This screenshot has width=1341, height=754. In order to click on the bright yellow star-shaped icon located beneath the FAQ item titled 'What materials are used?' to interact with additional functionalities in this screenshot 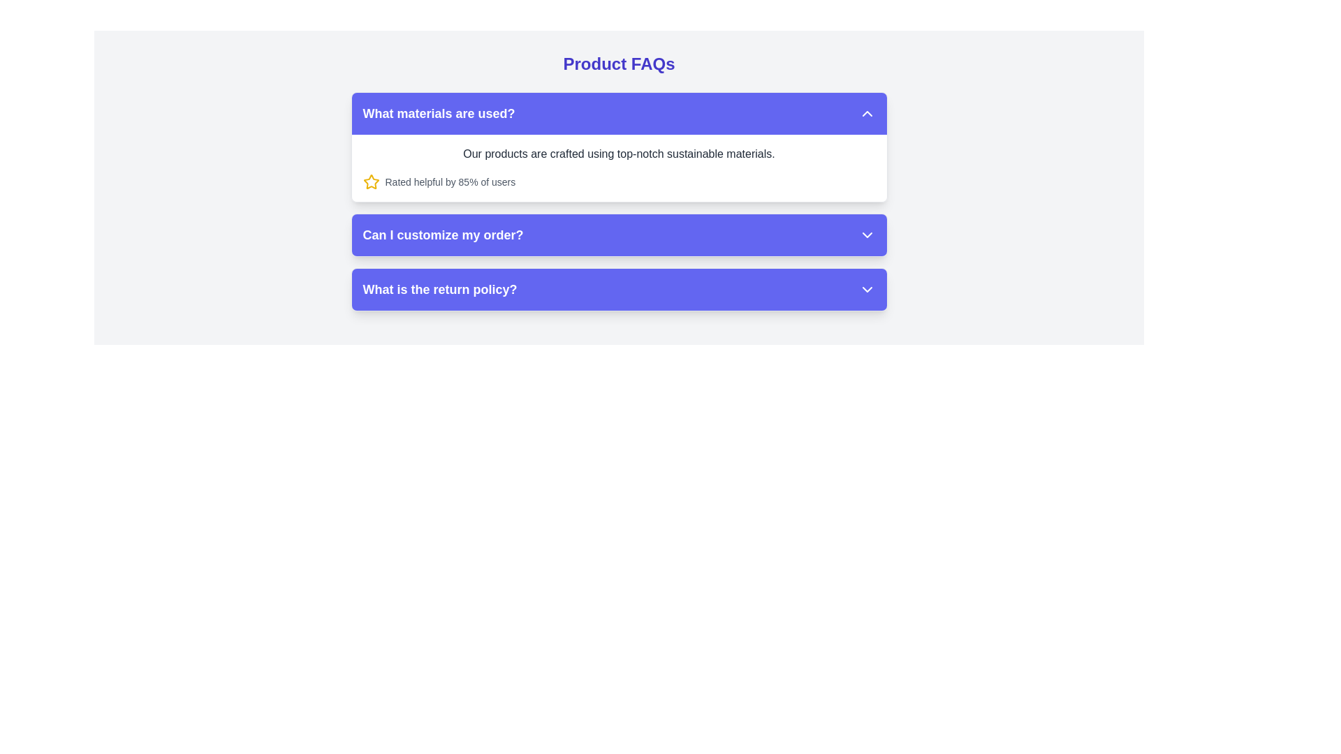, I will do `click(371, 181)`.